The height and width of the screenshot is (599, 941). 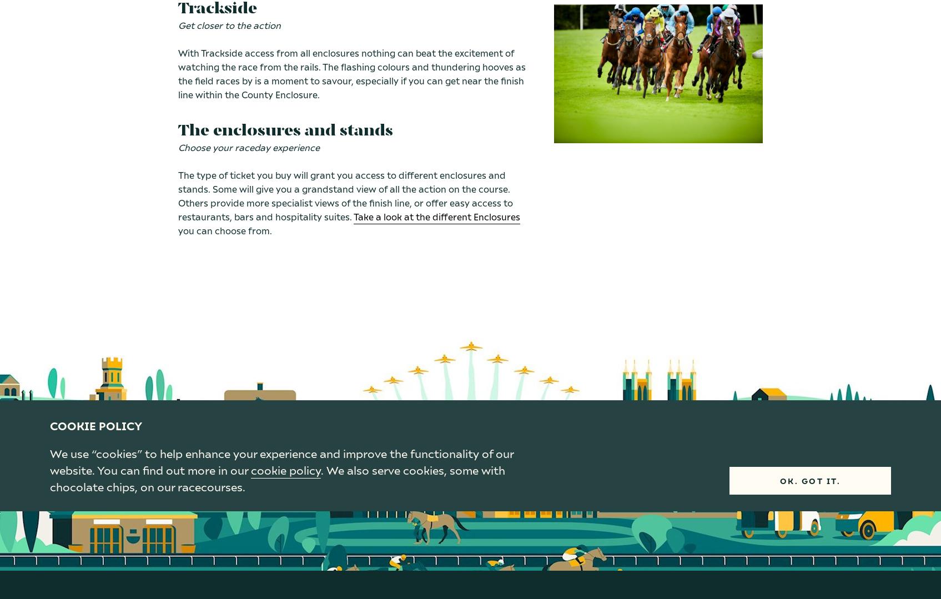 What do you see at coordinates (178, 229) in the screenshot?
I see `'you can choose from.'` at bounding box center [178, 229].